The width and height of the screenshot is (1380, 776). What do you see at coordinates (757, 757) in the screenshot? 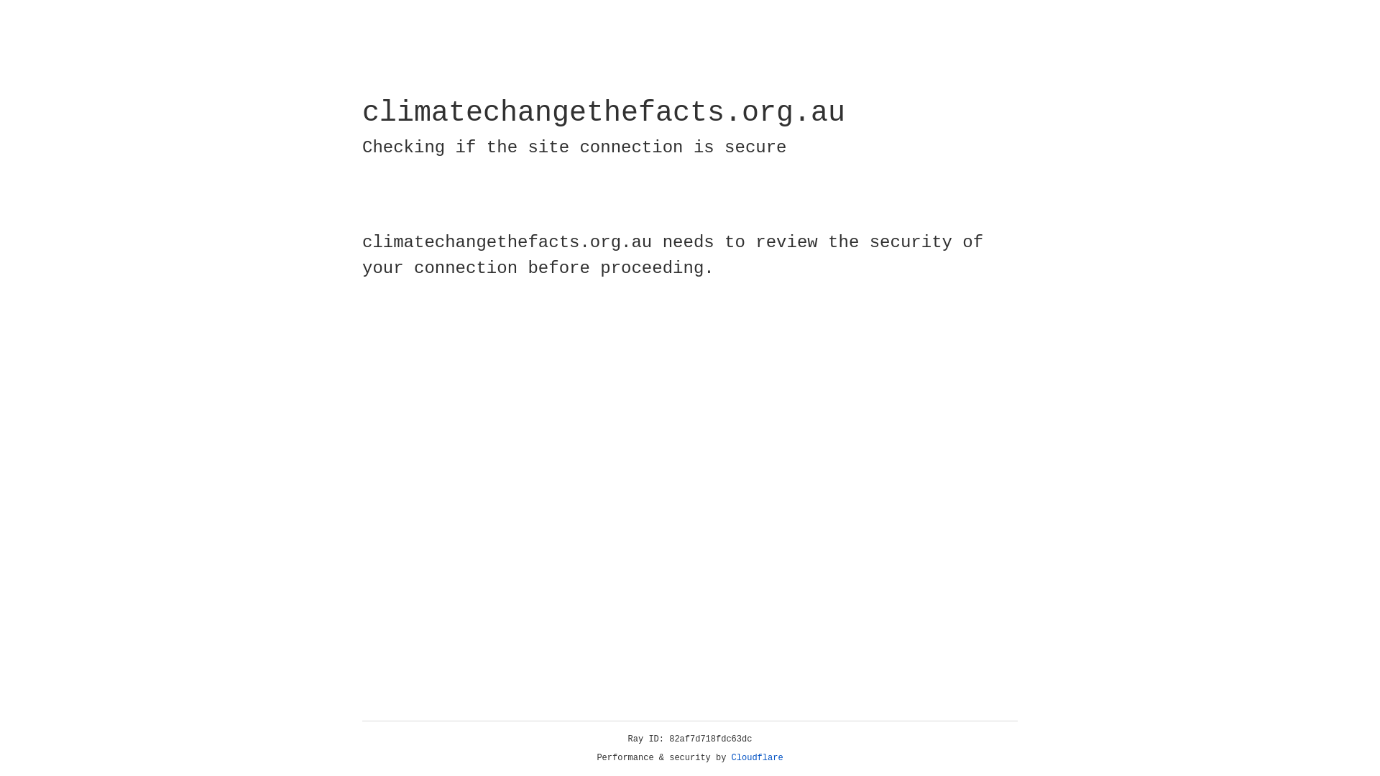
I see `'Cloudflare'` at bounding box center [757, 757].